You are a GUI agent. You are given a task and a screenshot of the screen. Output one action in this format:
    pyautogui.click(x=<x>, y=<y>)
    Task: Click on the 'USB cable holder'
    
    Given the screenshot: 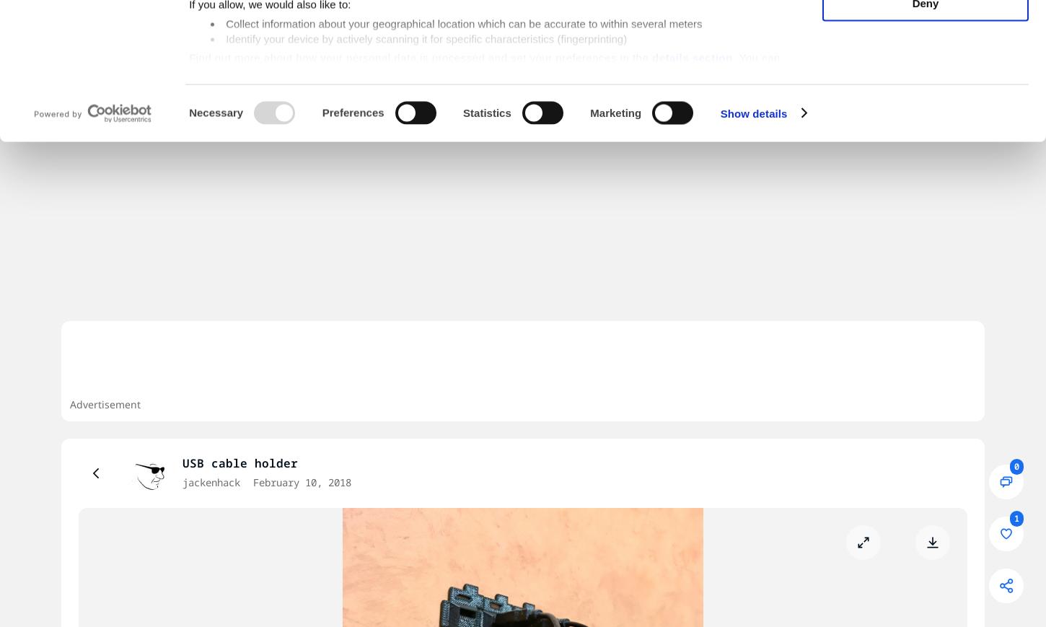 What is the action you would take?
    pyautogui.click(x=240, y=463)
    